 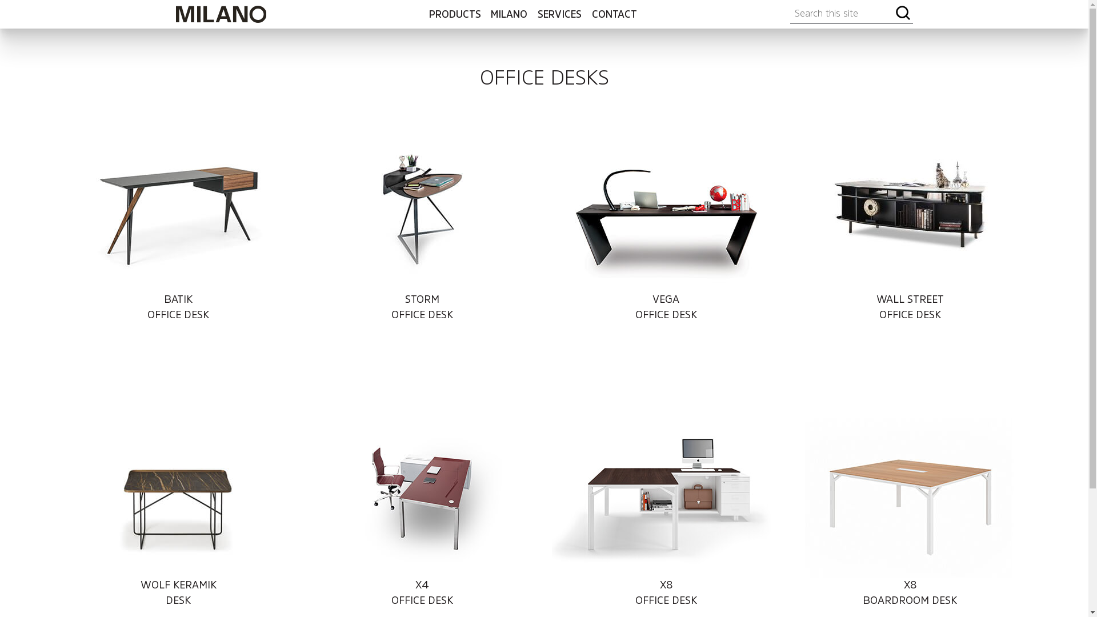 I want to click on 'X8 Office Desk', so click(x=666, y=463).